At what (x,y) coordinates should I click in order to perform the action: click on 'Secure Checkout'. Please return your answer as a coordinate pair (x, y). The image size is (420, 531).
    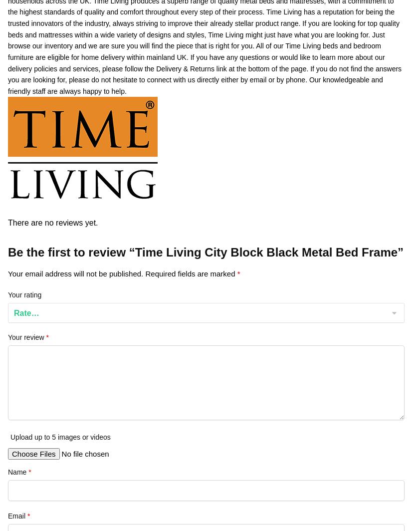
    Looking at the image, I should click on (33, 378).